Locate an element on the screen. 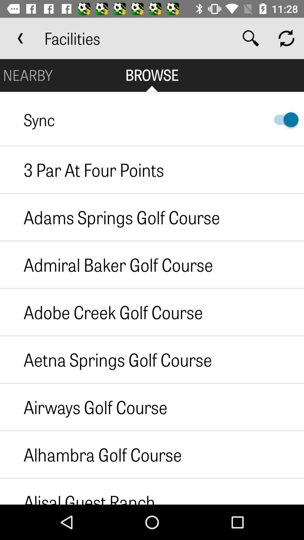  icon below alhambra golf course item is located at coordinates (77, 491).